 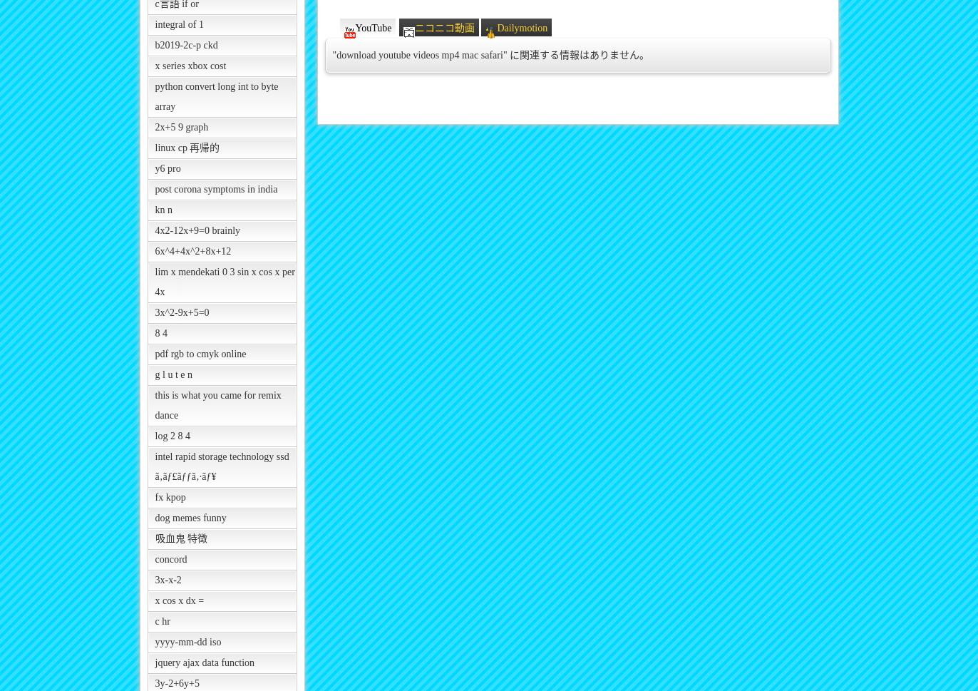 I want to click on 'x cos x dx =', so click(x=179, y=600).